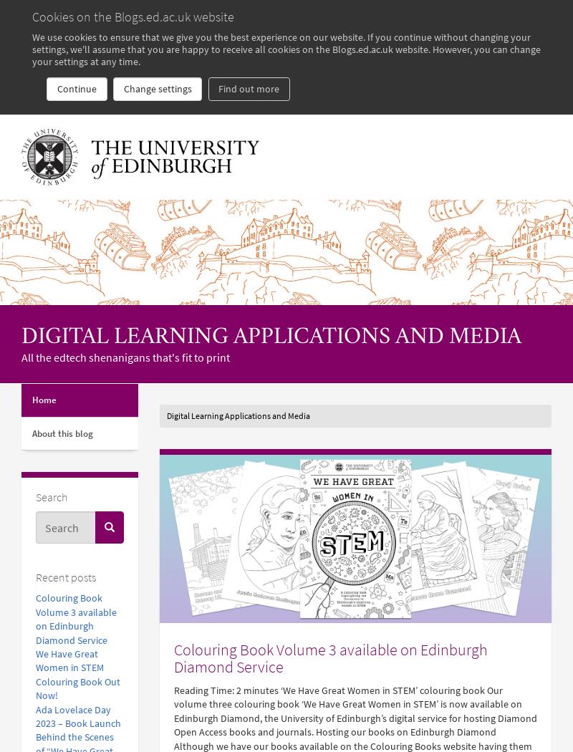  Describe the element at coordinates (44, 400) in the screenshot. I see `'Home'` at that location.